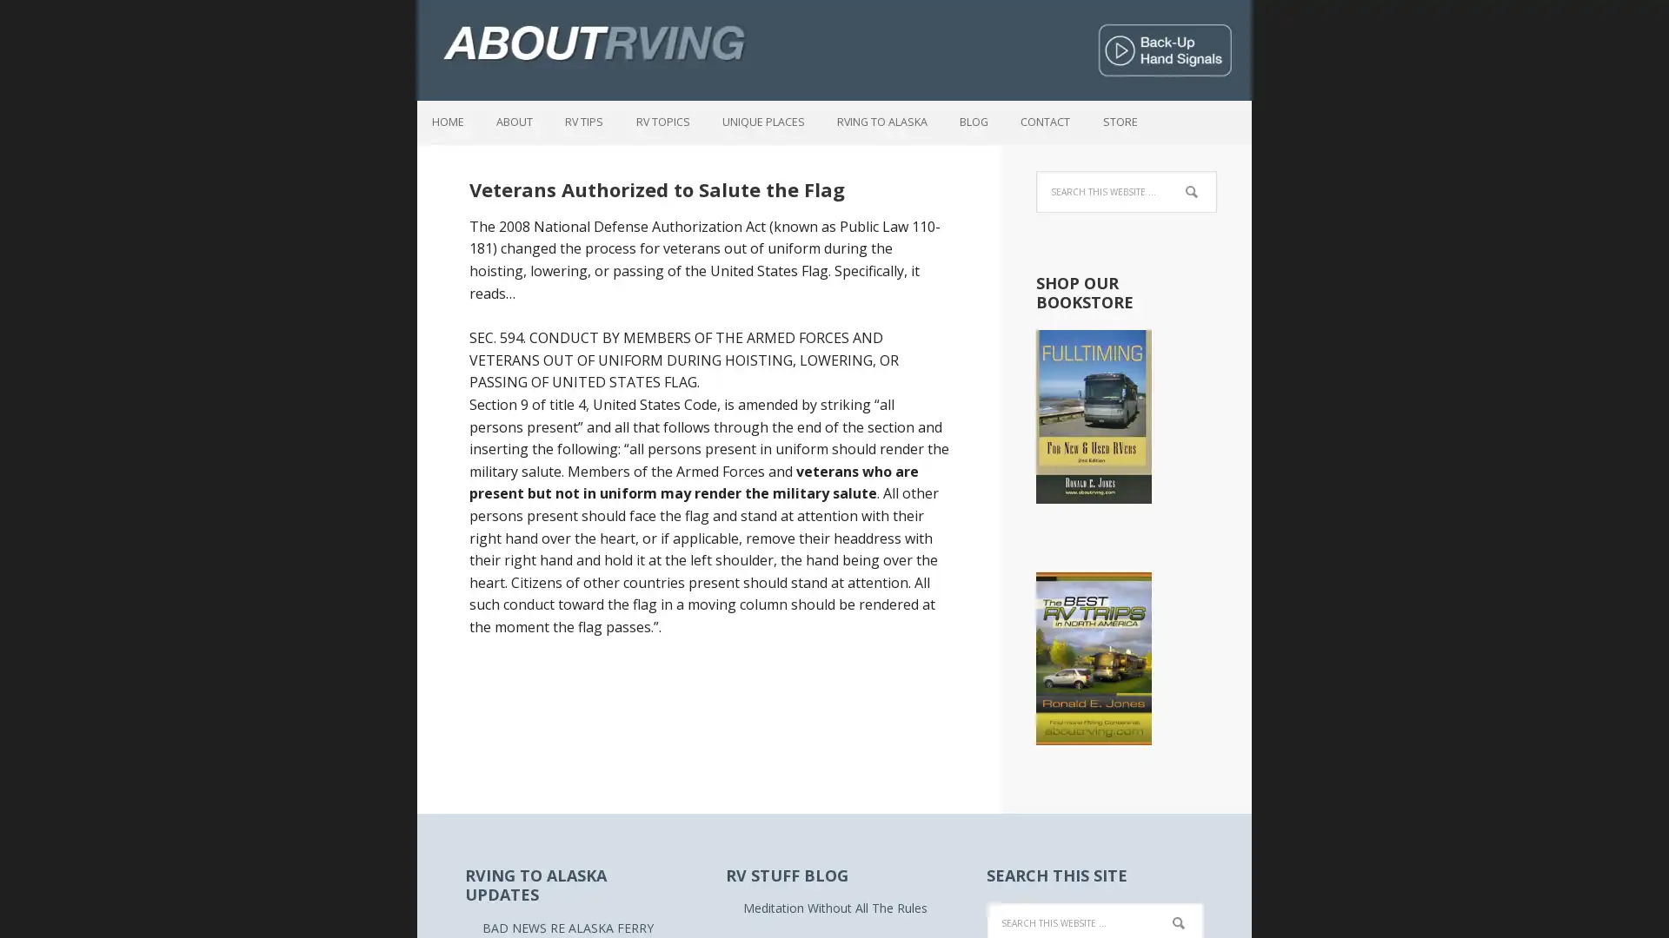  I want to click on Search, so click(1215, 182).